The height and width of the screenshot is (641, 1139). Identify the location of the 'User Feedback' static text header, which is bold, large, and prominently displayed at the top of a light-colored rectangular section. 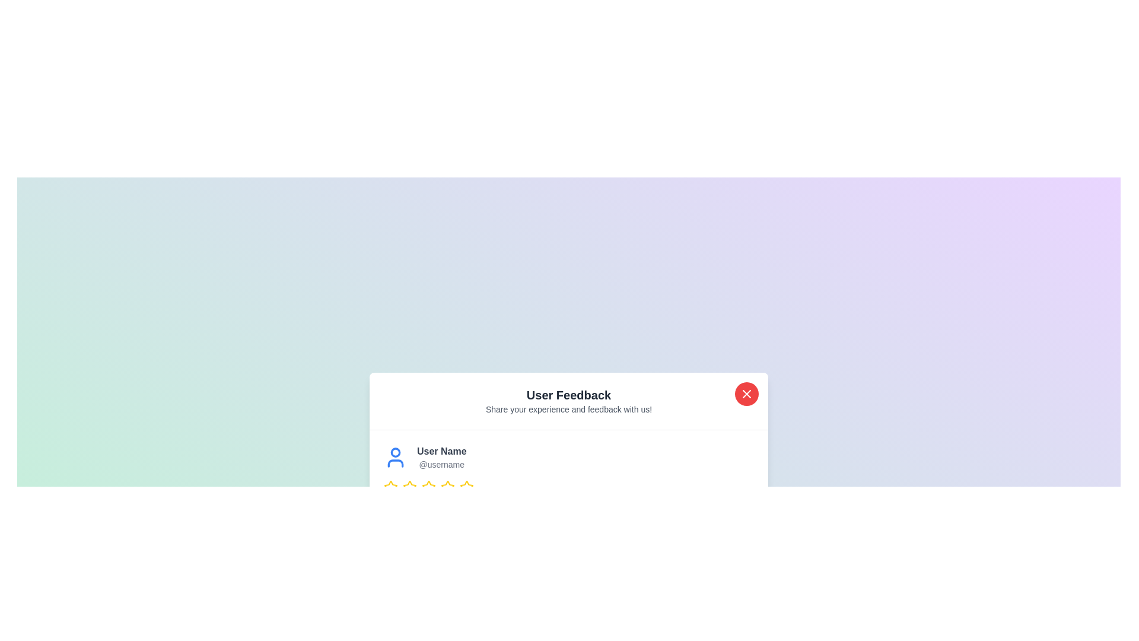
(568, 395).